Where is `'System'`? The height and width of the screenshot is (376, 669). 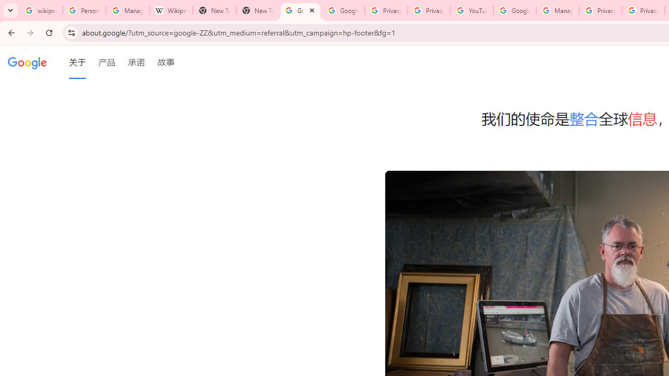
'System' is located at coordinates (5, 6).